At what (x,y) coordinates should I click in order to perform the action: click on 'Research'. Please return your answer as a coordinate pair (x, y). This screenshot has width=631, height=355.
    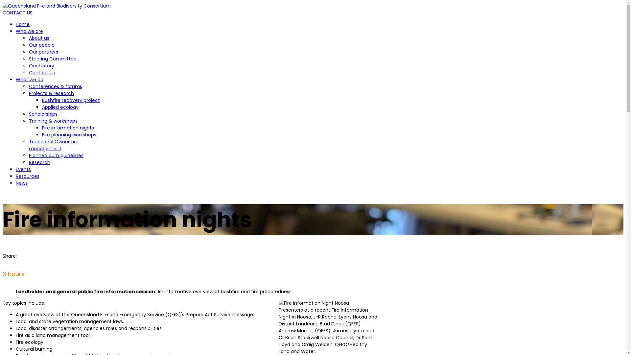
    Looking at the image, I should click on (28, 162).